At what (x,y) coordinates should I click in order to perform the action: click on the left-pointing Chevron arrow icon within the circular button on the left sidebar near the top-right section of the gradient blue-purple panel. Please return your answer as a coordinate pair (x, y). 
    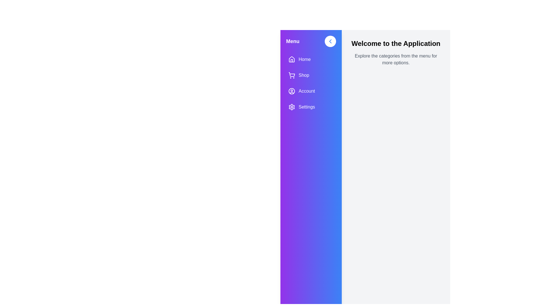
    Looking at the image, I should click on (330, 41).